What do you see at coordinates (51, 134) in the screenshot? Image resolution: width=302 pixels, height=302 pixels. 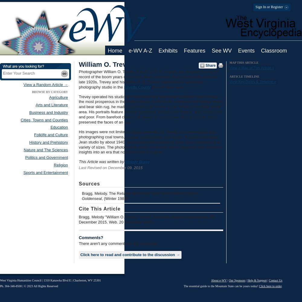 I see `'Folklife and Culture'` at bounding box center [51, 134].